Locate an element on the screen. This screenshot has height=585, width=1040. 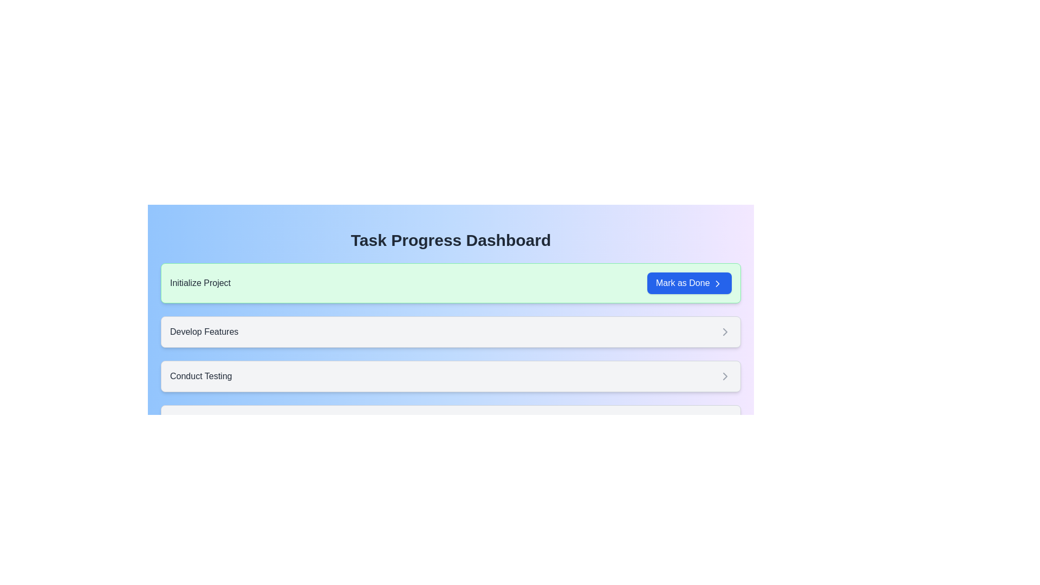
the 'Develop Features' text label in the task-oriented dashboard, which is positioned below 'Initialize Project' and above 'Conduct Testing' is located at coordinates (204, 331).